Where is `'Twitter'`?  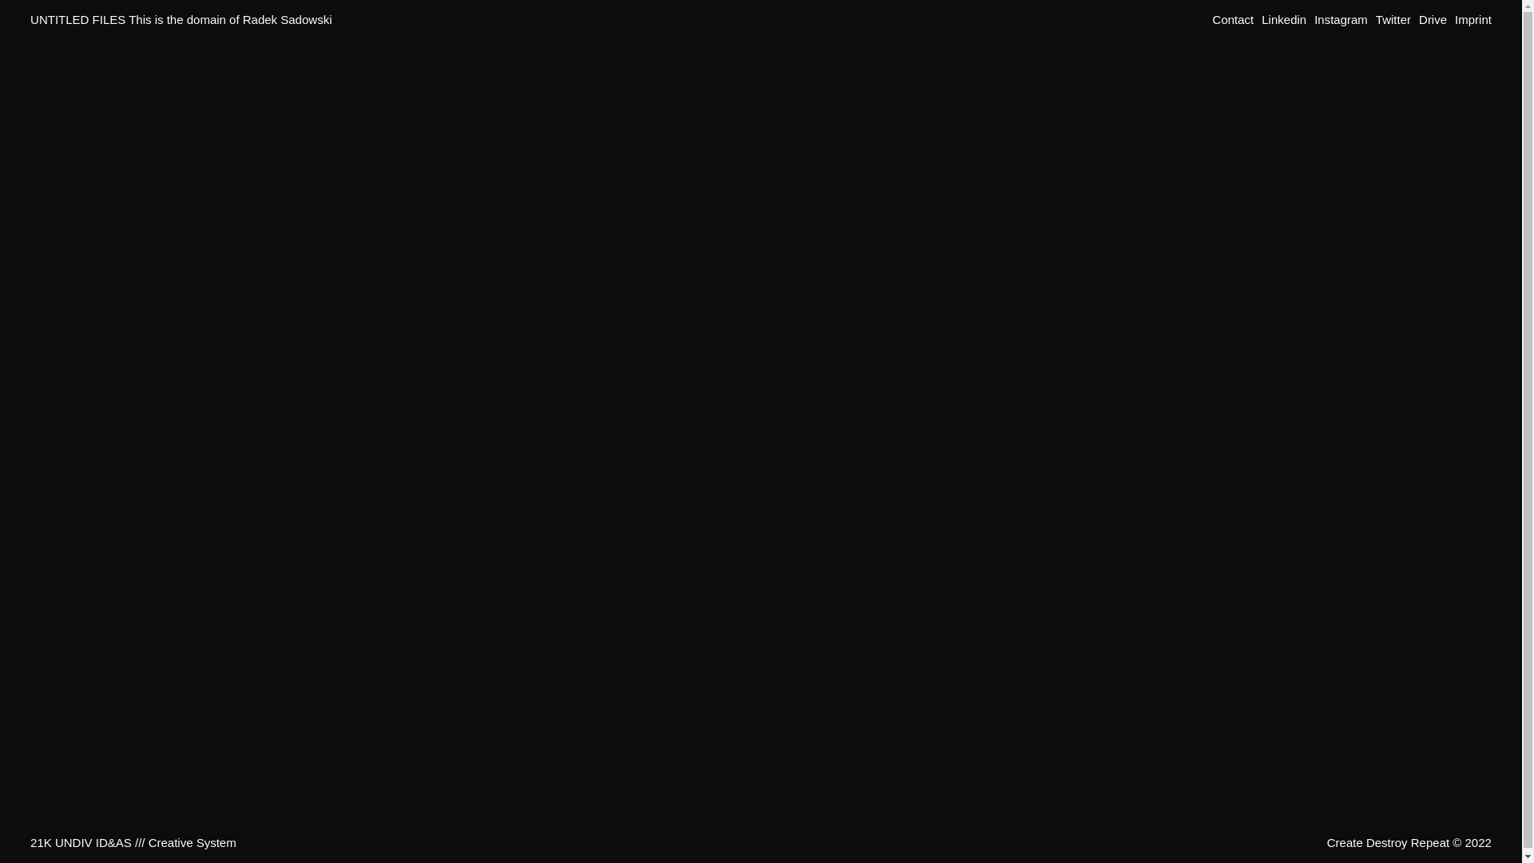 'Twitter' is located at coordinates (1375, 19).